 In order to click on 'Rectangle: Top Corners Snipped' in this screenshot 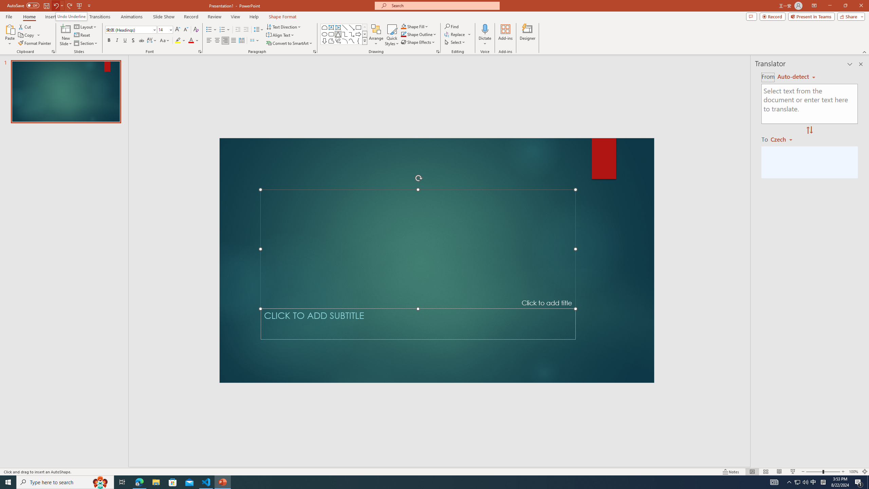, I will do `click(324, 27)`.